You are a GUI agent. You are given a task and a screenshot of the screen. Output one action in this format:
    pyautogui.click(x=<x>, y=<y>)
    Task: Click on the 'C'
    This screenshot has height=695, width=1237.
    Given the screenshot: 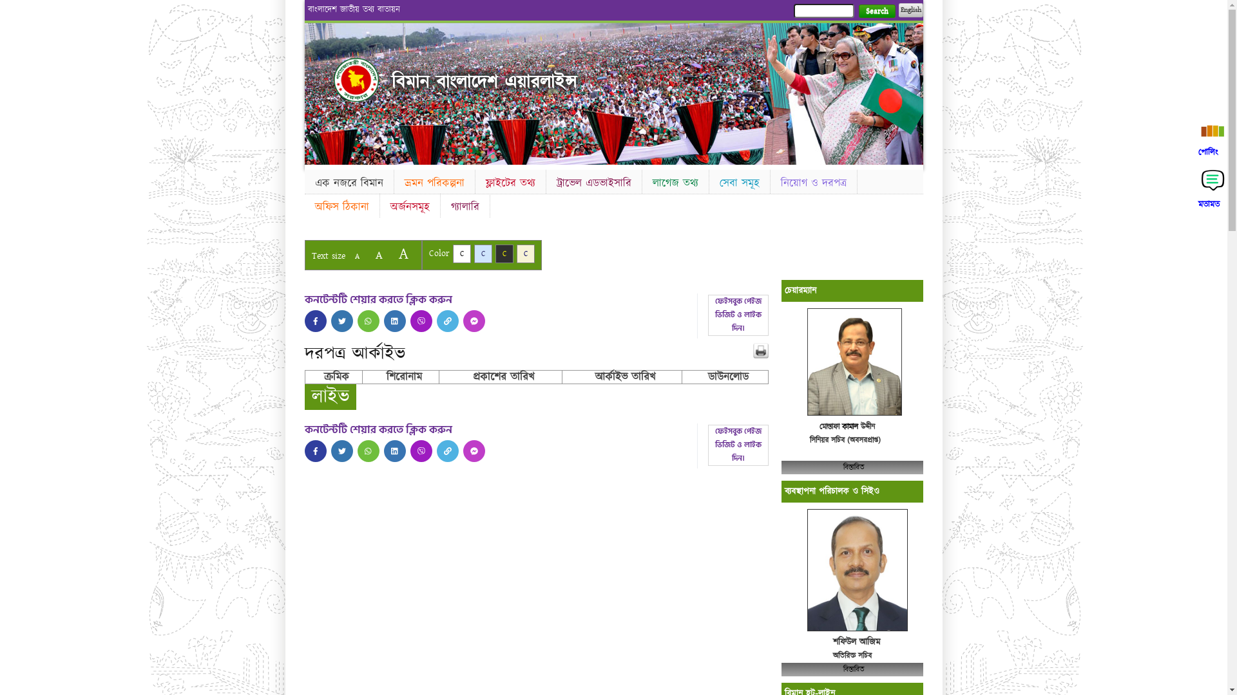 What is the action you would take?
    pyautogui.click(x=526, y=254)
    